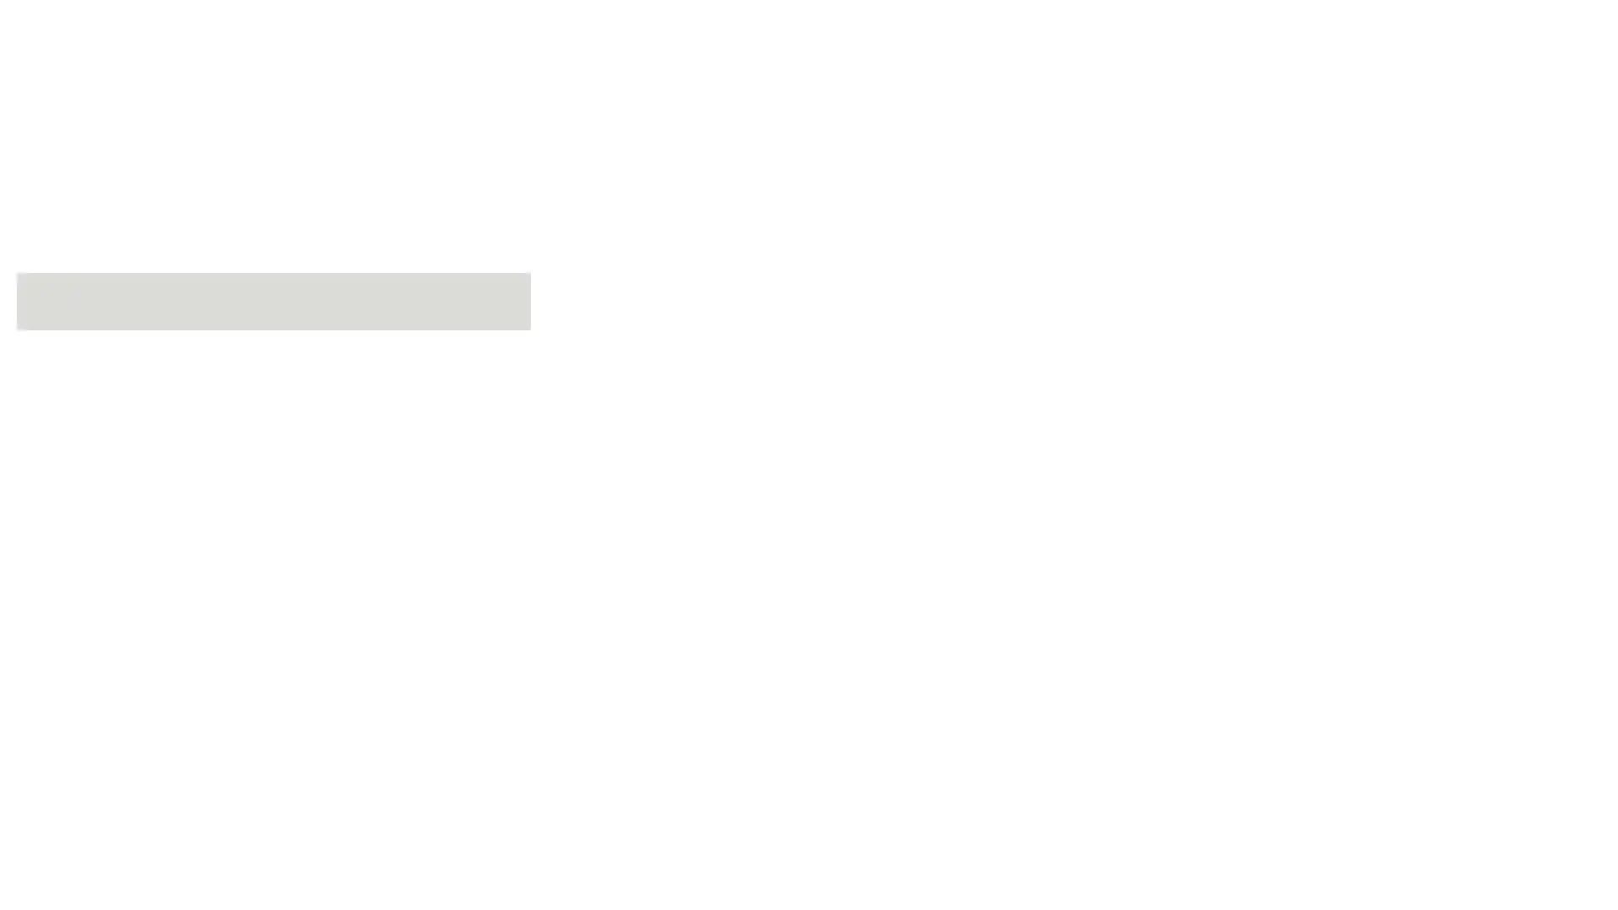 The height and width of the screenshot is (910, 1618). Describe the element at coordinates (153, 483) in the screenshot. I see `Log In` at that location.